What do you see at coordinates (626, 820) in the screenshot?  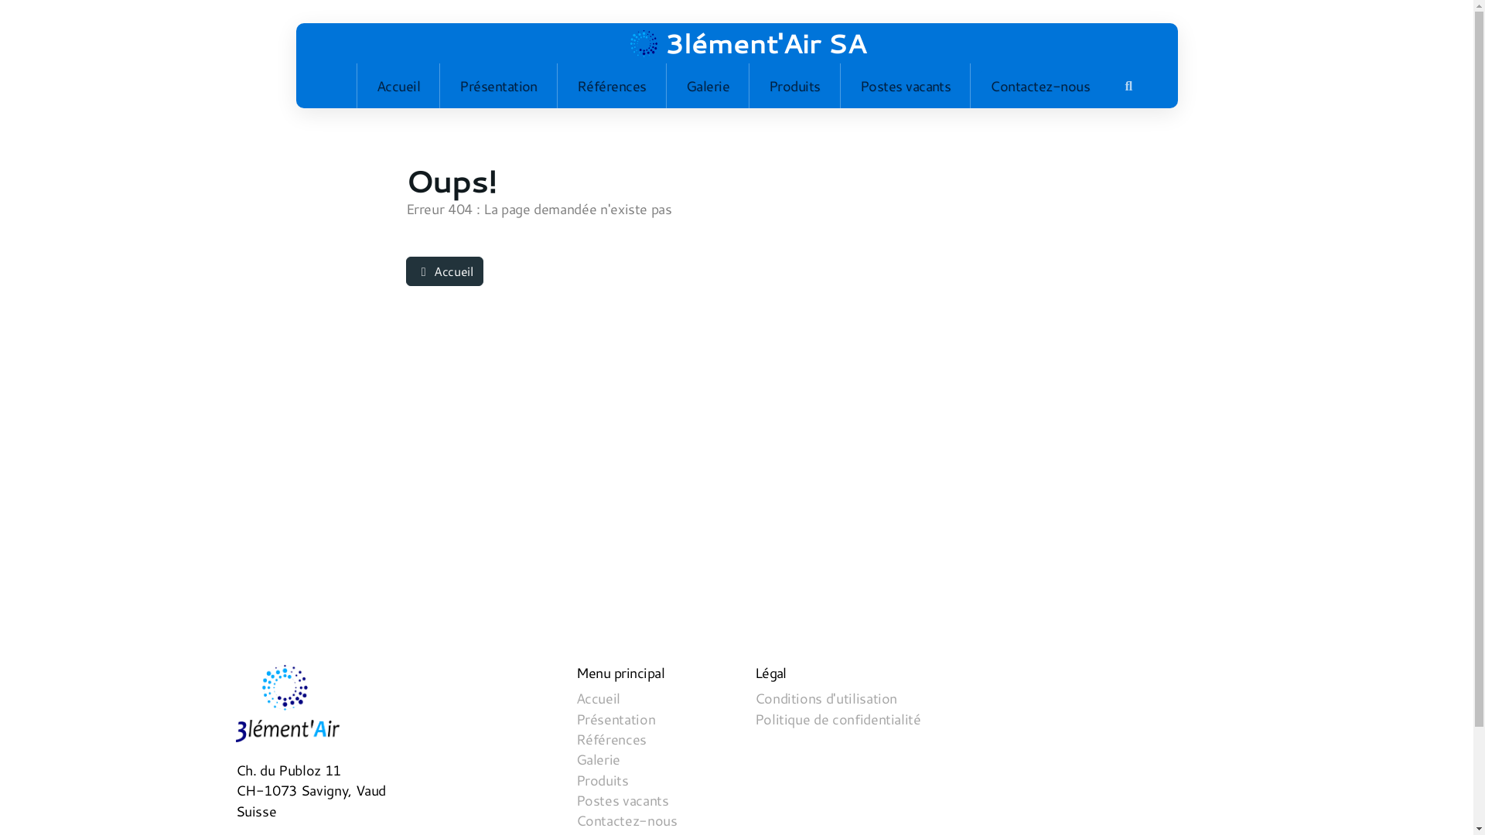 I see `'Contactez-nous'` at bounding box center [626, 820].